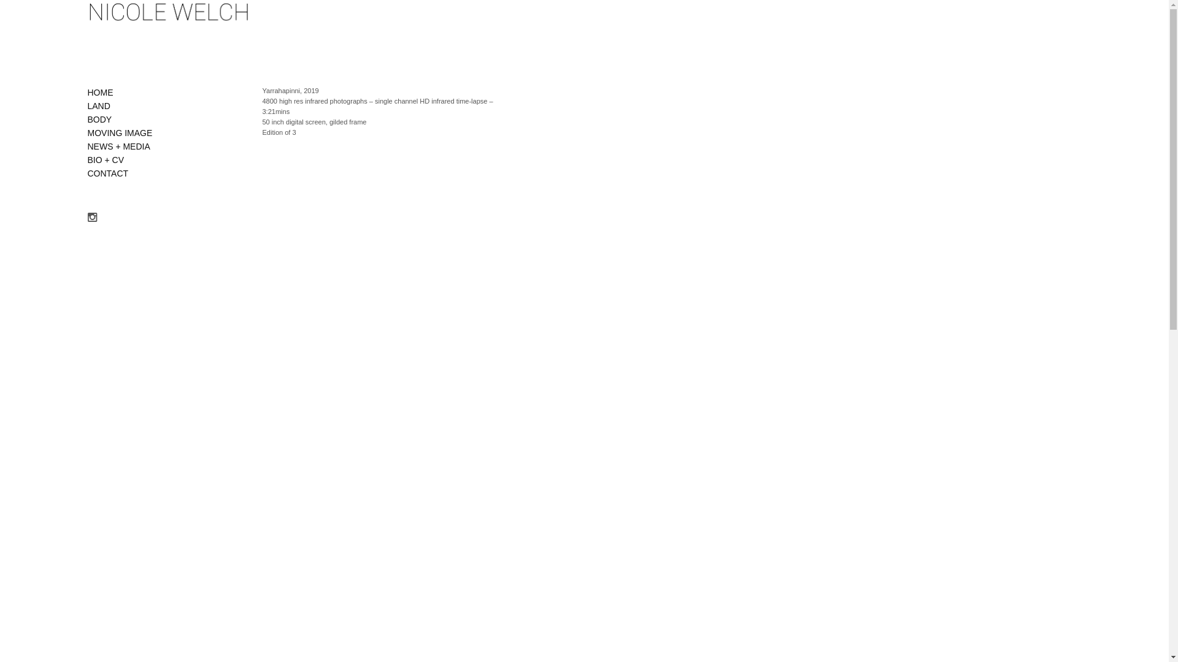  What do you see at coordinates (98, 105) in the screenshot?
I see `'LAND'` at bounding box center [98, 105].